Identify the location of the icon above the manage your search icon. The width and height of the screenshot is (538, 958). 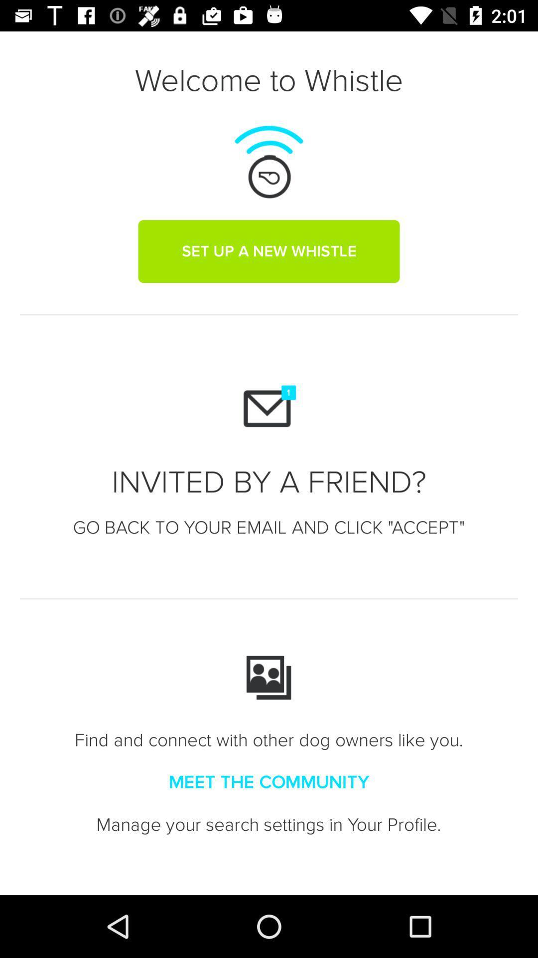
(269, 782).